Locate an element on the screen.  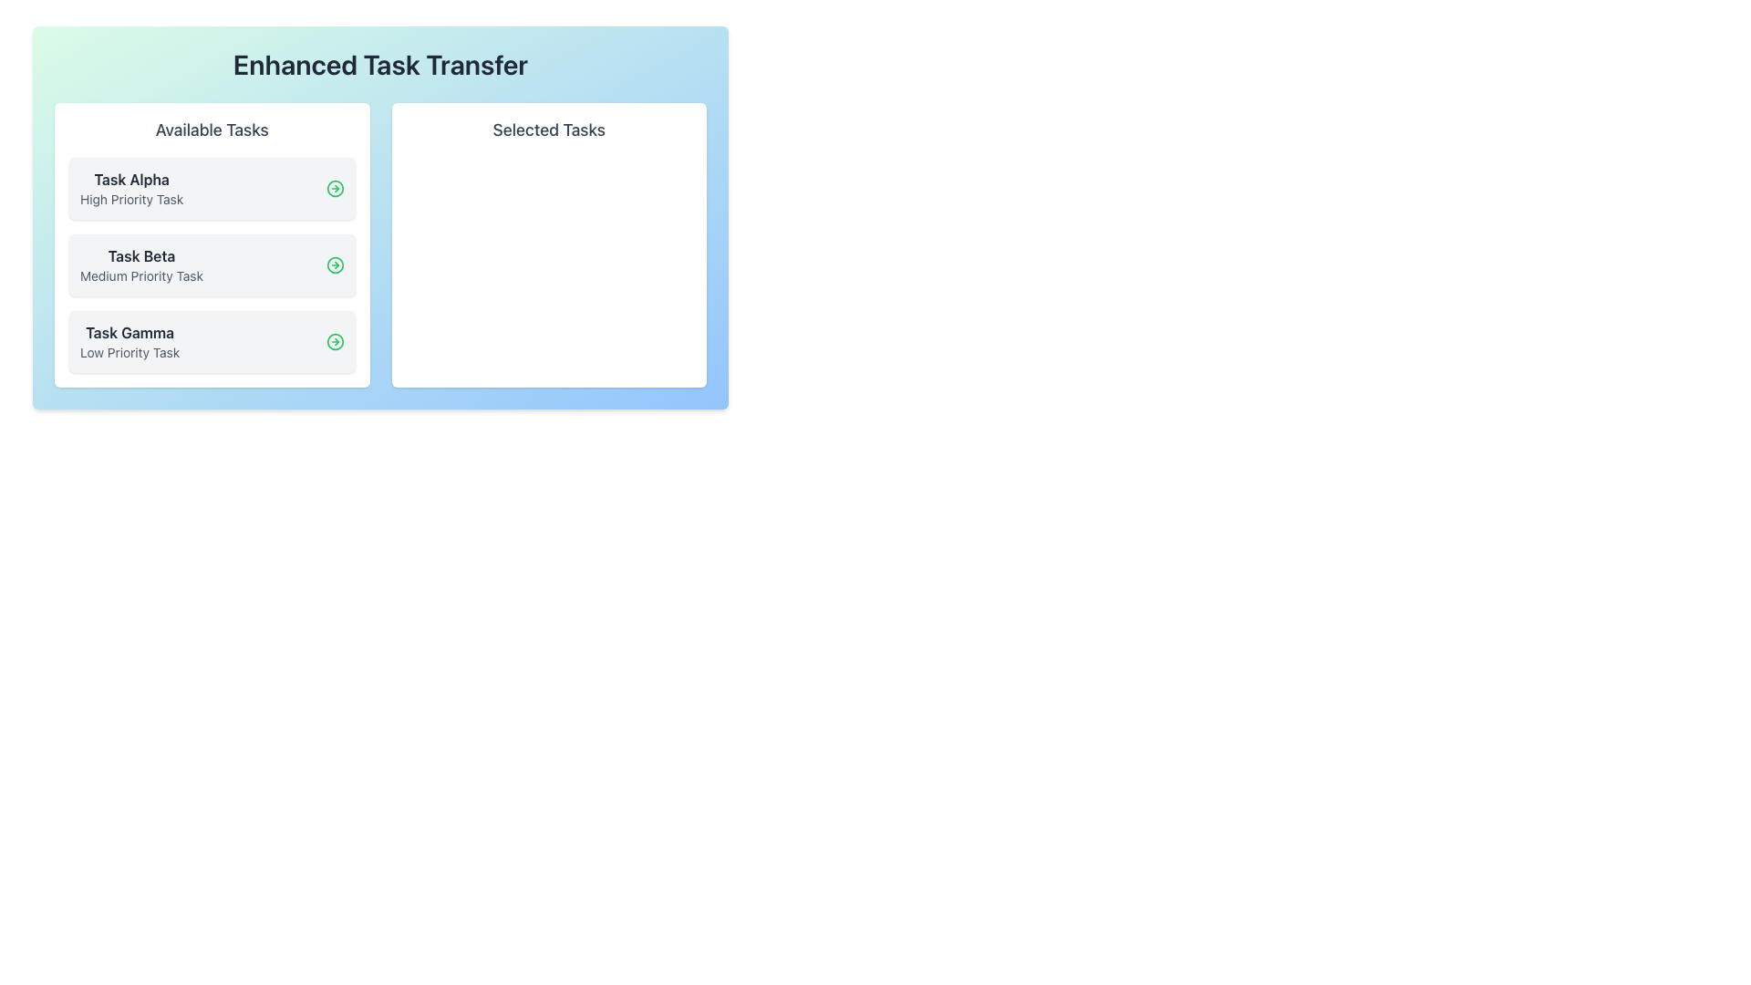
the text-label UI element displaying 'Task Beta' with the description 'Medium Priority Task' to operate on the associated task is located at coordinates (140, 264).